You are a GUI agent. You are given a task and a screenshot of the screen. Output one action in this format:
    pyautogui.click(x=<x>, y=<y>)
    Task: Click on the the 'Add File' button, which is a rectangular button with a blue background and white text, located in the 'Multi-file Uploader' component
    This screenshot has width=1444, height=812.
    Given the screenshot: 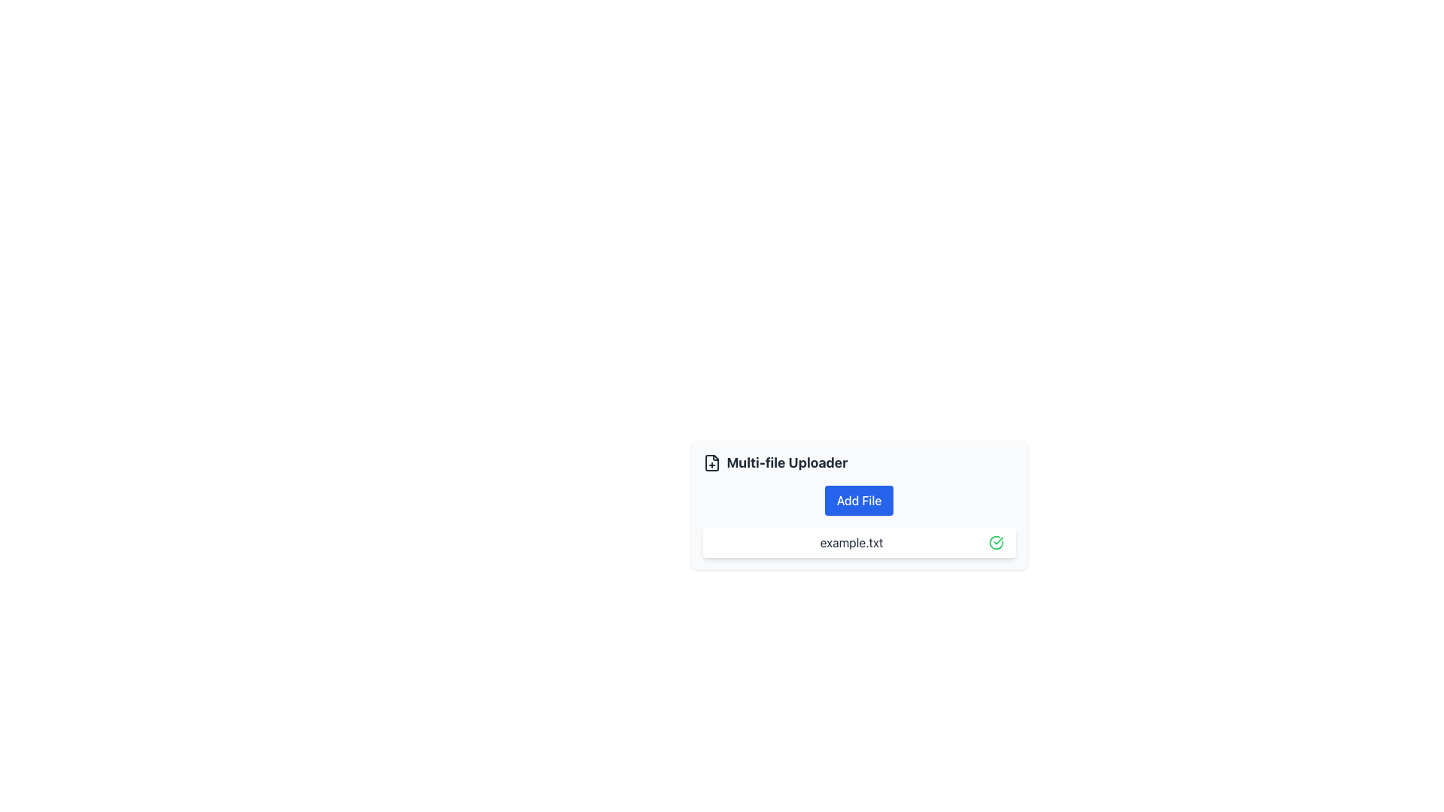 What is the action you would take?
    pyautogui.click(x=859, y=501)
    